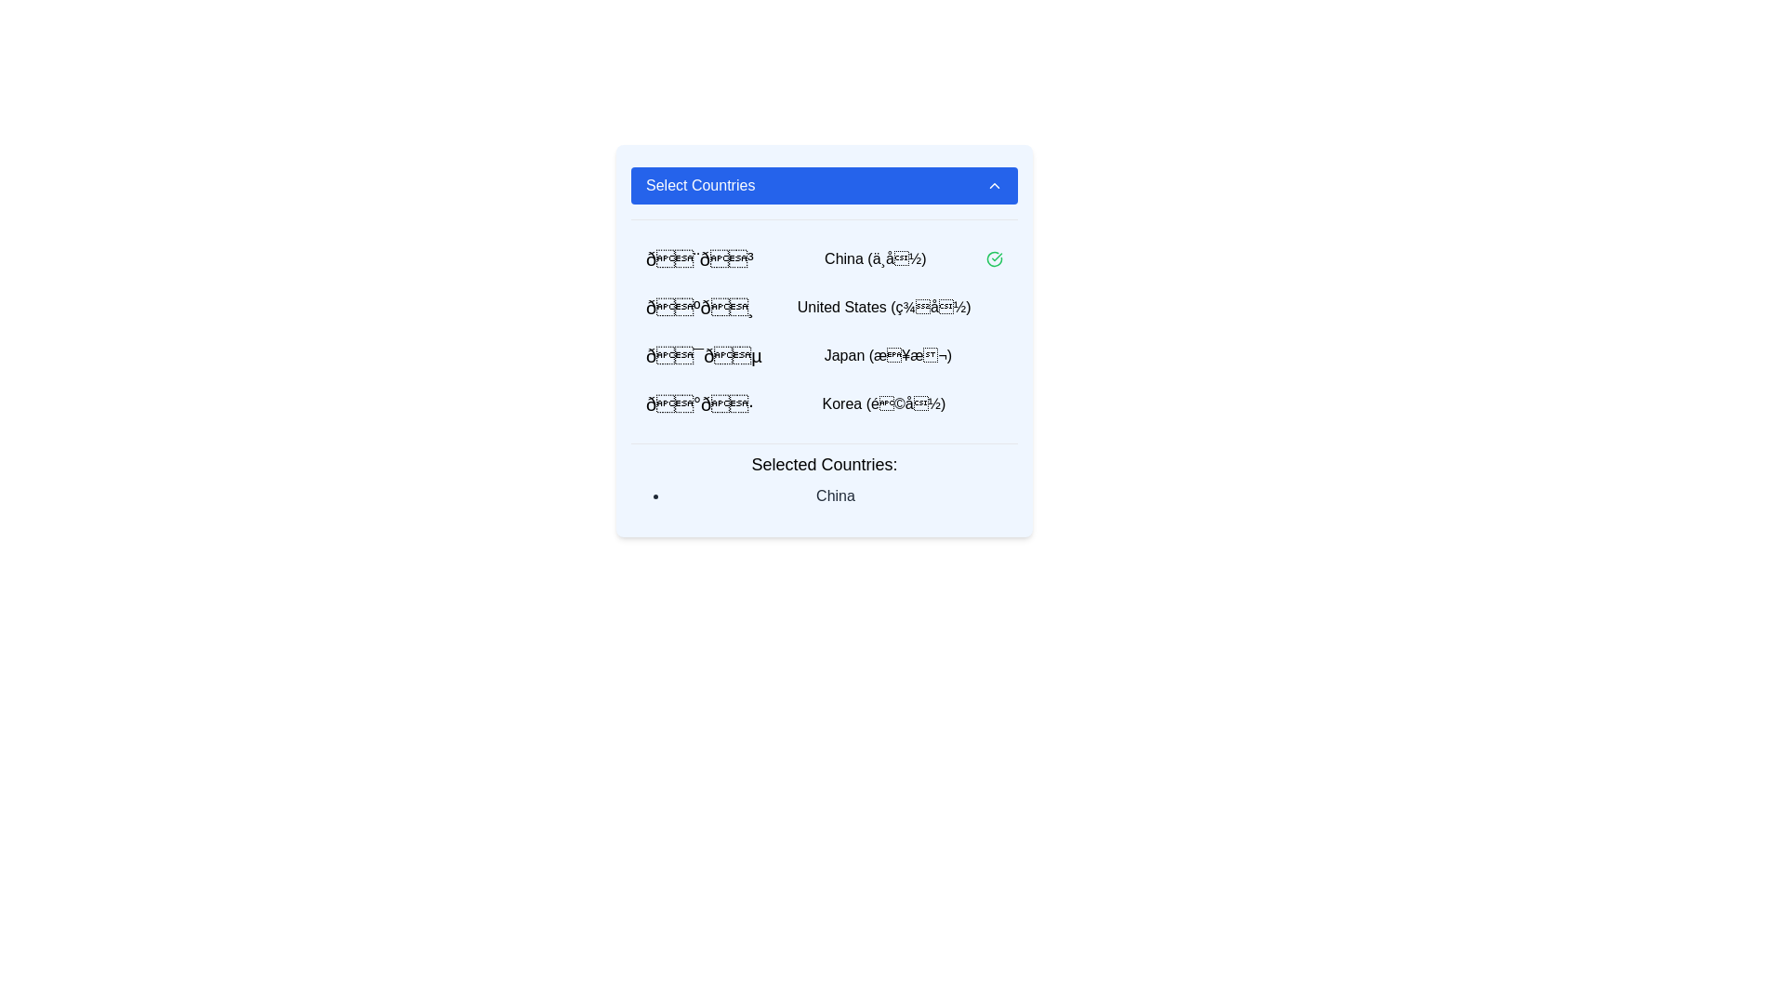 The height and width of the screenshot is (1004, 1785). Describe the element at coordinates (887, 355) in the screenshot. I see `the text option labeled 'Japan (日本)' in the dropdown menu` at that location.